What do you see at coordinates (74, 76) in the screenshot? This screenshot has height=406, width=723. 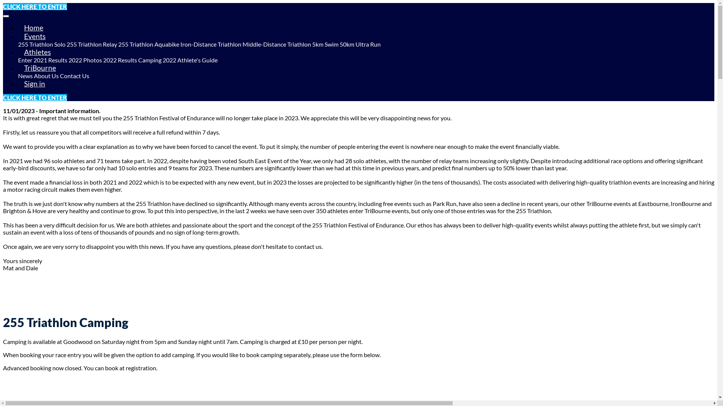 I see `'Contact Us'` at bounding box center [74, 76].